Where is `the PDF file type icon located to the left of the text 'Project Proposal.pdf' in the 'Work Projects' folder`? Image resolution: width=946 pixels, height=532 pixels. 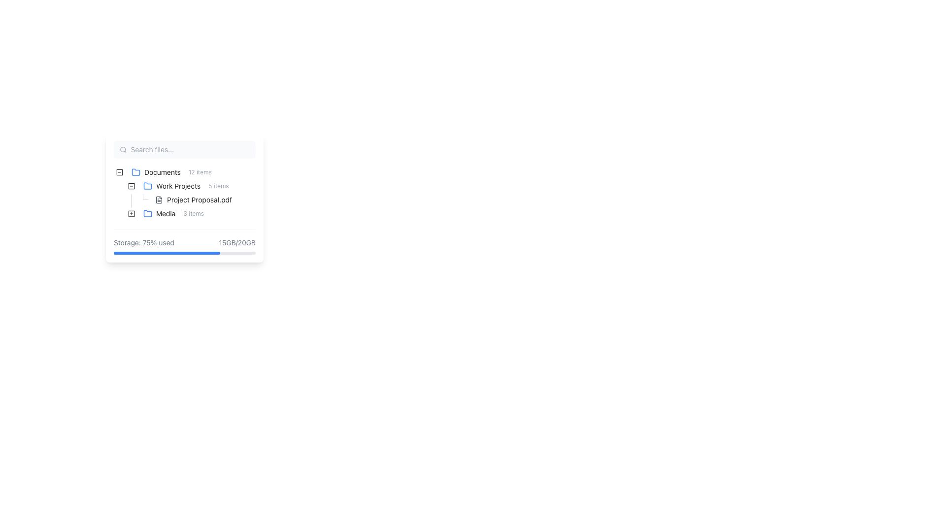 the PDF file type icon located to the left of the text 'Project Proposal.pdf' in the 'Work Projects' folder is located at coordinates (159, 199).